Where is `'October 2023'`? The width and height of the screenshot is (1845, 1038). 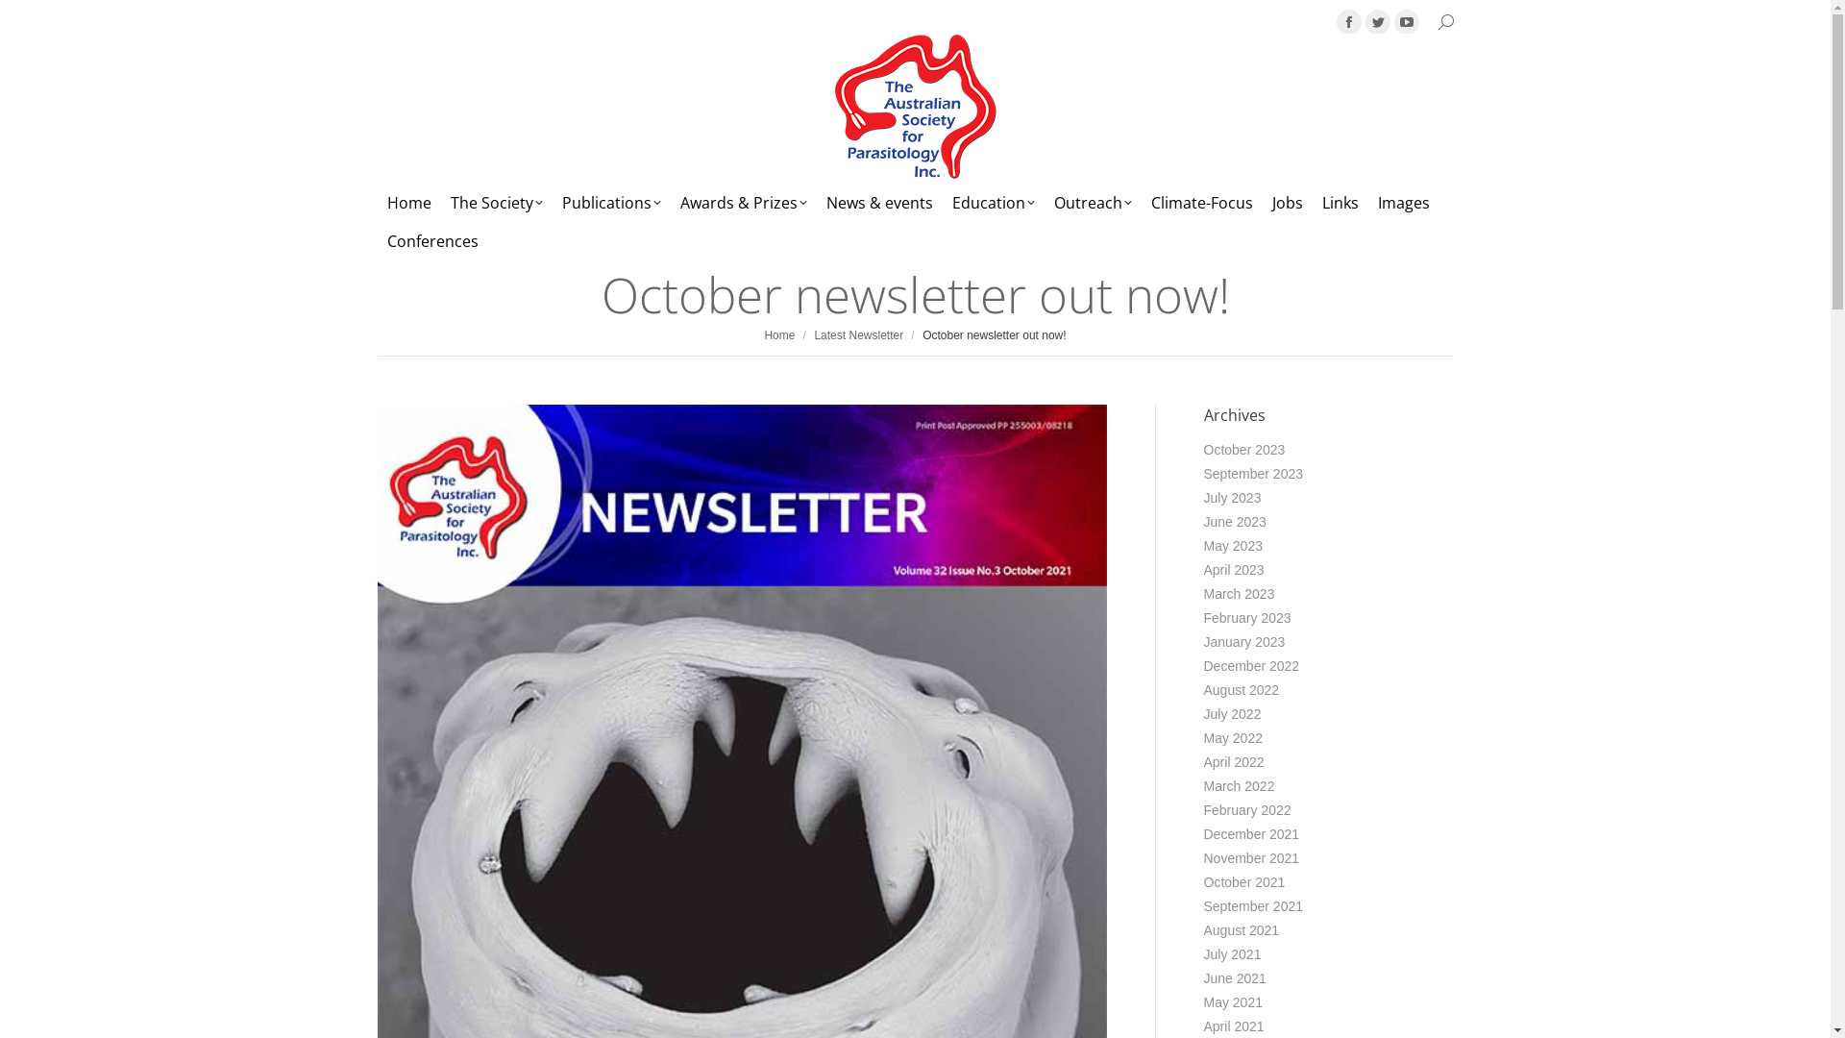
'October 2023' is located at coordinates (1243, 449).